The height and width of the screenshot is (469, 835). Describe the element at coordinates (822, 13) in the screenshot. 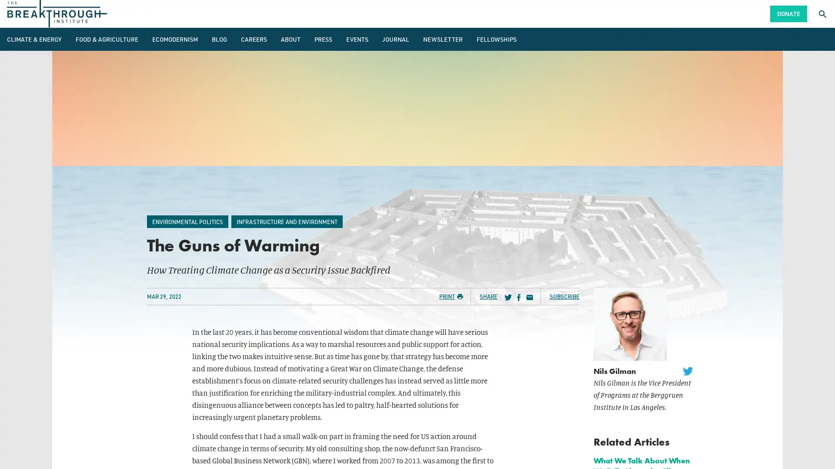

I see `Open search tray` at that location.